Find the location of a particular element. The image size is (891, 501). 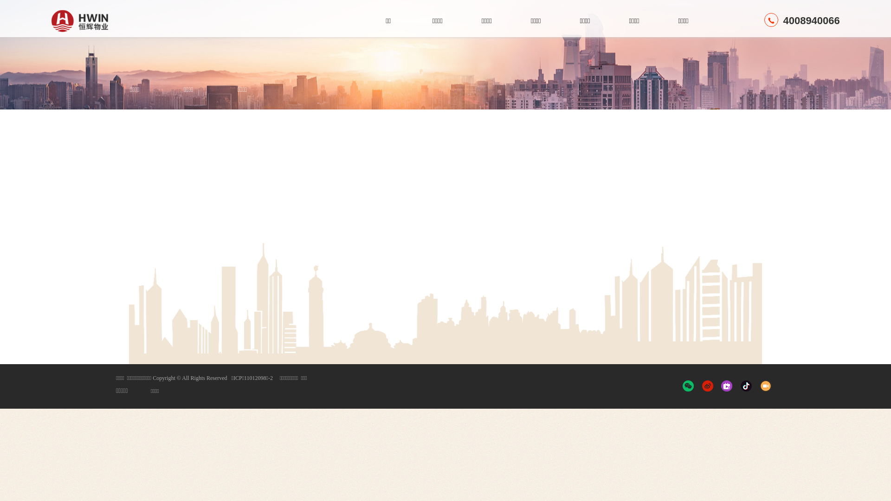

'4008940066' is located at coordinates (801, 20).